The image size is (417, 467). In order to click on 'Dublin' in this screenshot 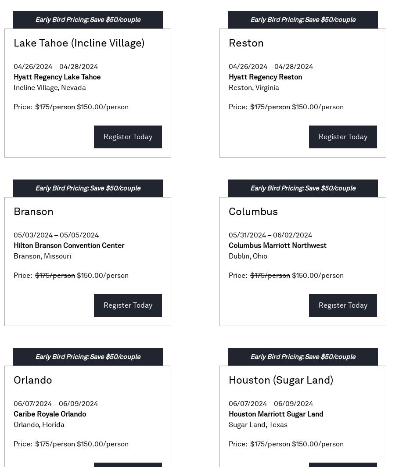, I will do `click(228, 256)`.